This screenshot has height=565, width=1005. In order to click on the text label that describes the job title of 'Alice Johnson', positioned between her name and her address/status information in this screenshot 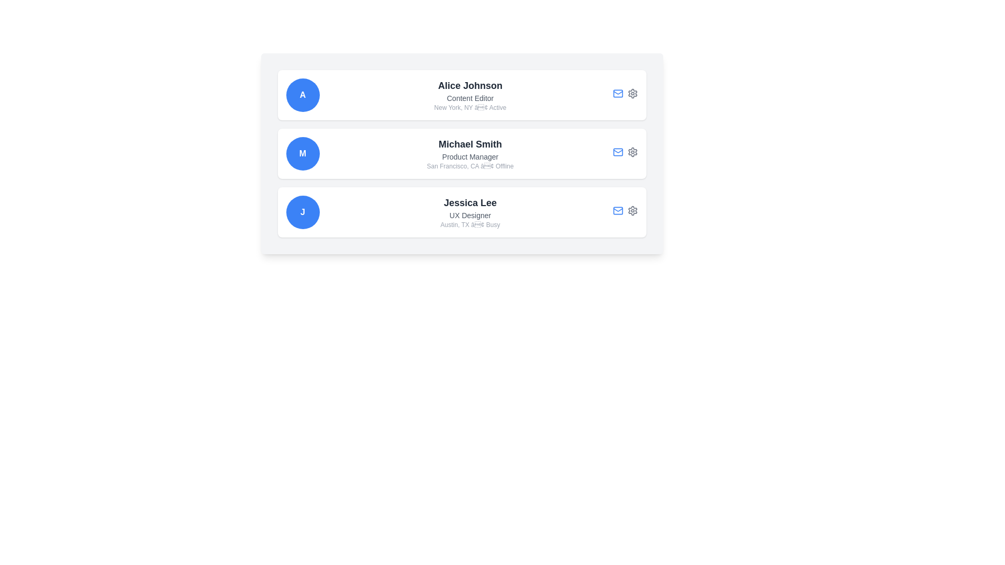, I will do `click(470, 98)`.